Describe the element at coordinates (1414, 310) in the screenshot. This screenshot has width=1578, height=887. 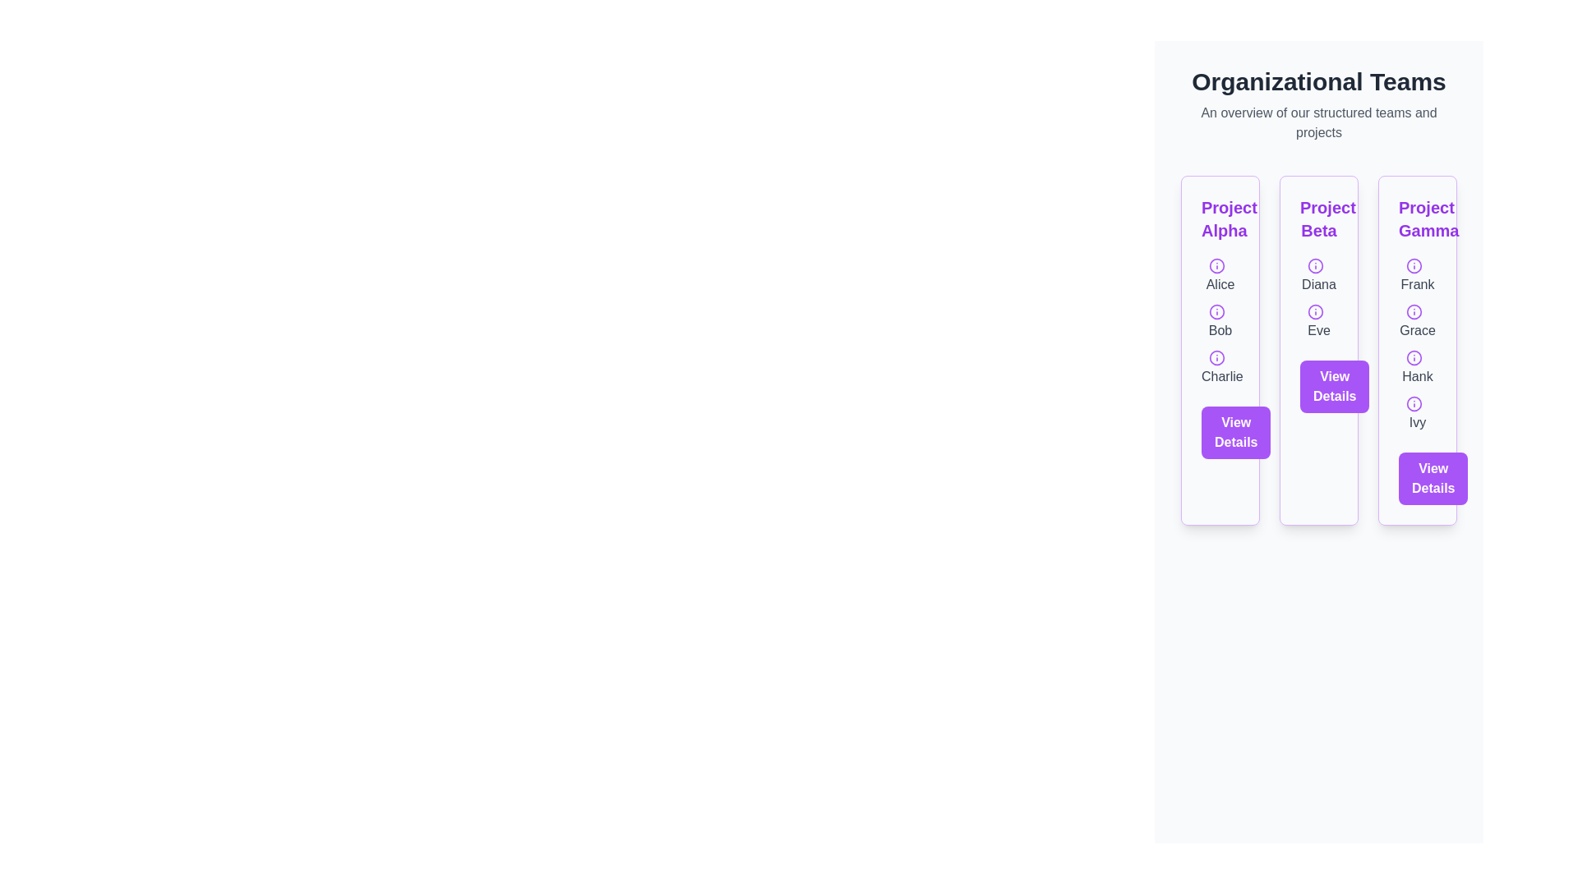
I see `the circular graphic element with a purple border located beside the text 'Grace' in the 'Project Gamma' section` at that location.